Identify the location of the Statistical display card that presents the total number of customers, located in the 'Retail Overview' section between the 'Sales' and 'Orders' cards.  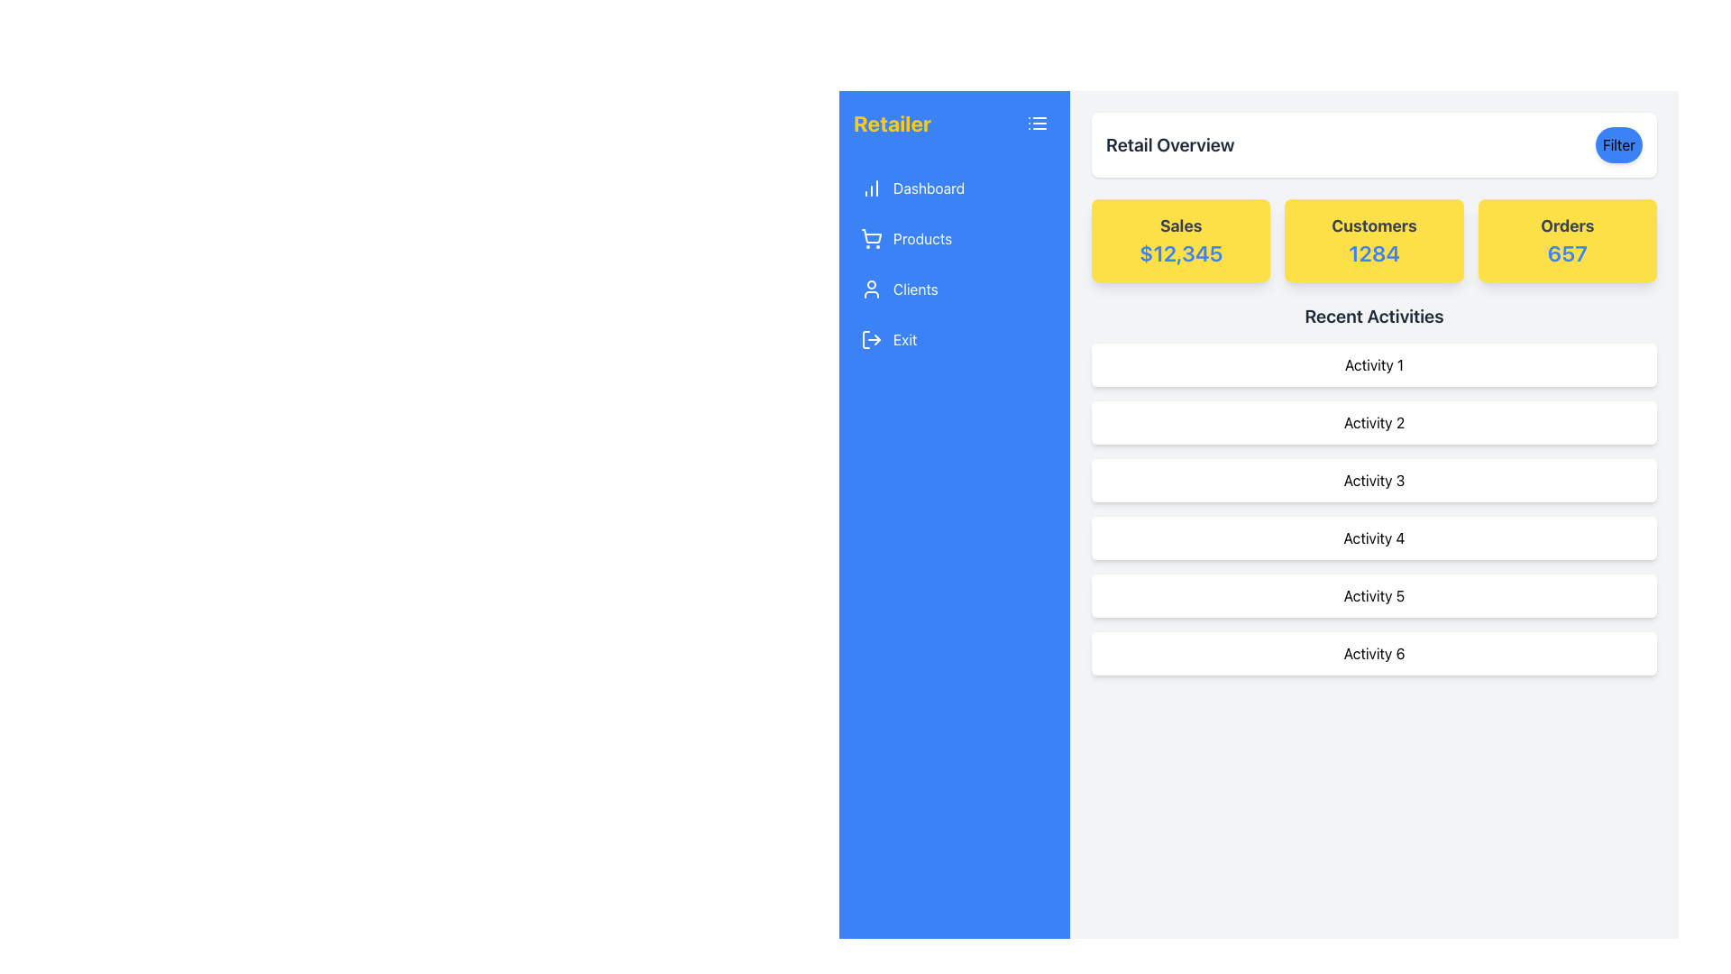
(1373, 239).